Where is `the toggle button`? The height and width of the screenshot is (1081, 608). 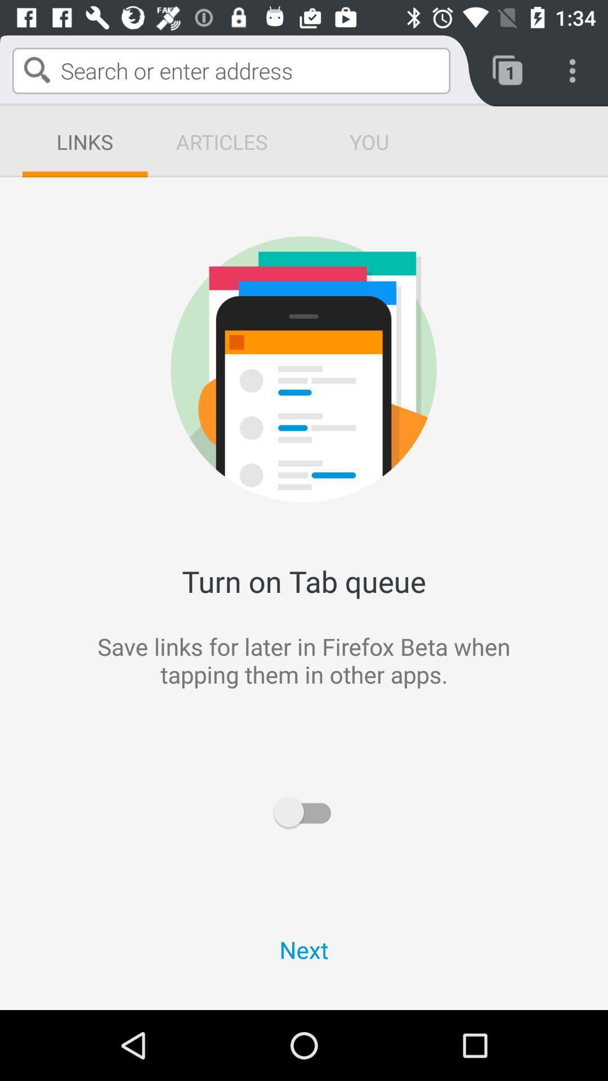
the toggle button is located at coordinates (304, 812).